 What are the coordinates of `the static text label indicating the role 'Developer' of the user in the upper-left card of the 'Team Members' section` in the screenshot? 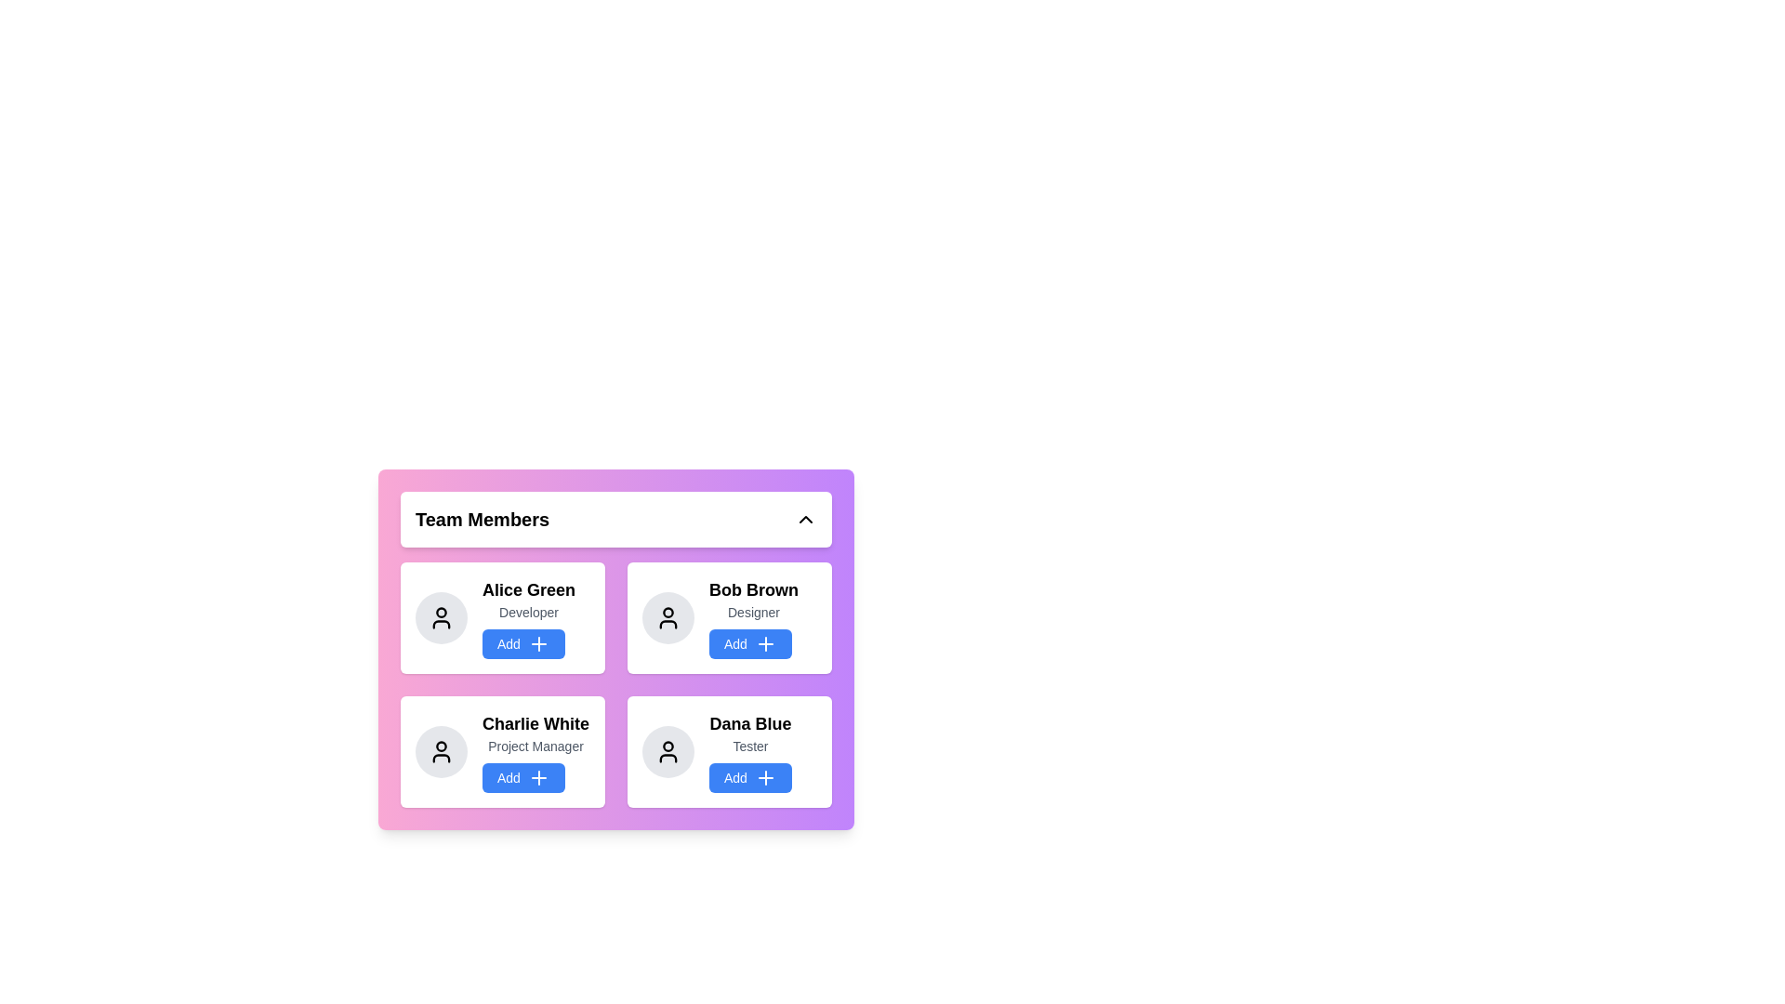 It's located at (528, 613).